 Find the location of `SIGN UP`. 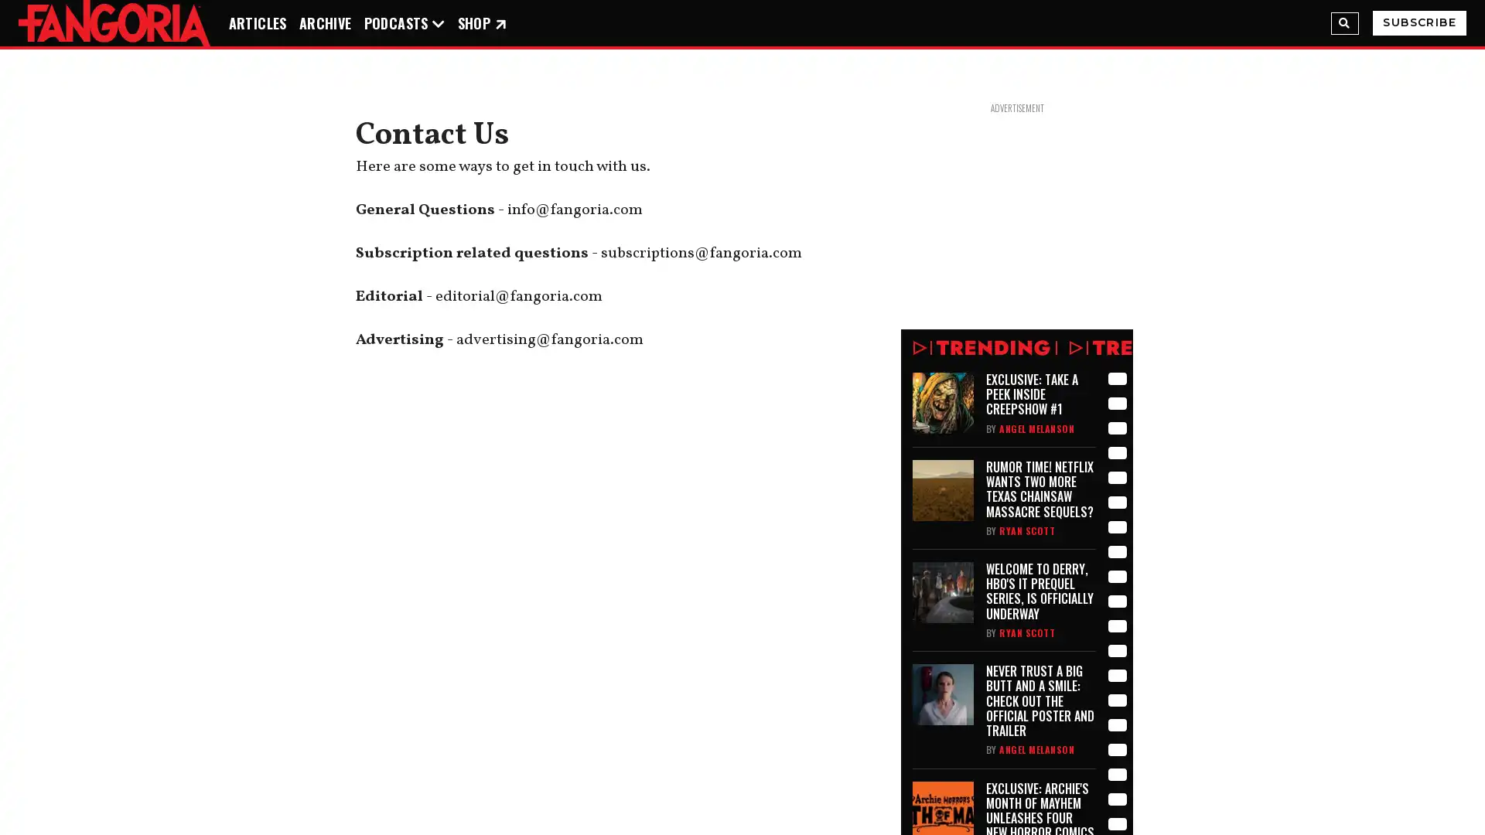

SIGN UP is located at coordinates (742, 777).